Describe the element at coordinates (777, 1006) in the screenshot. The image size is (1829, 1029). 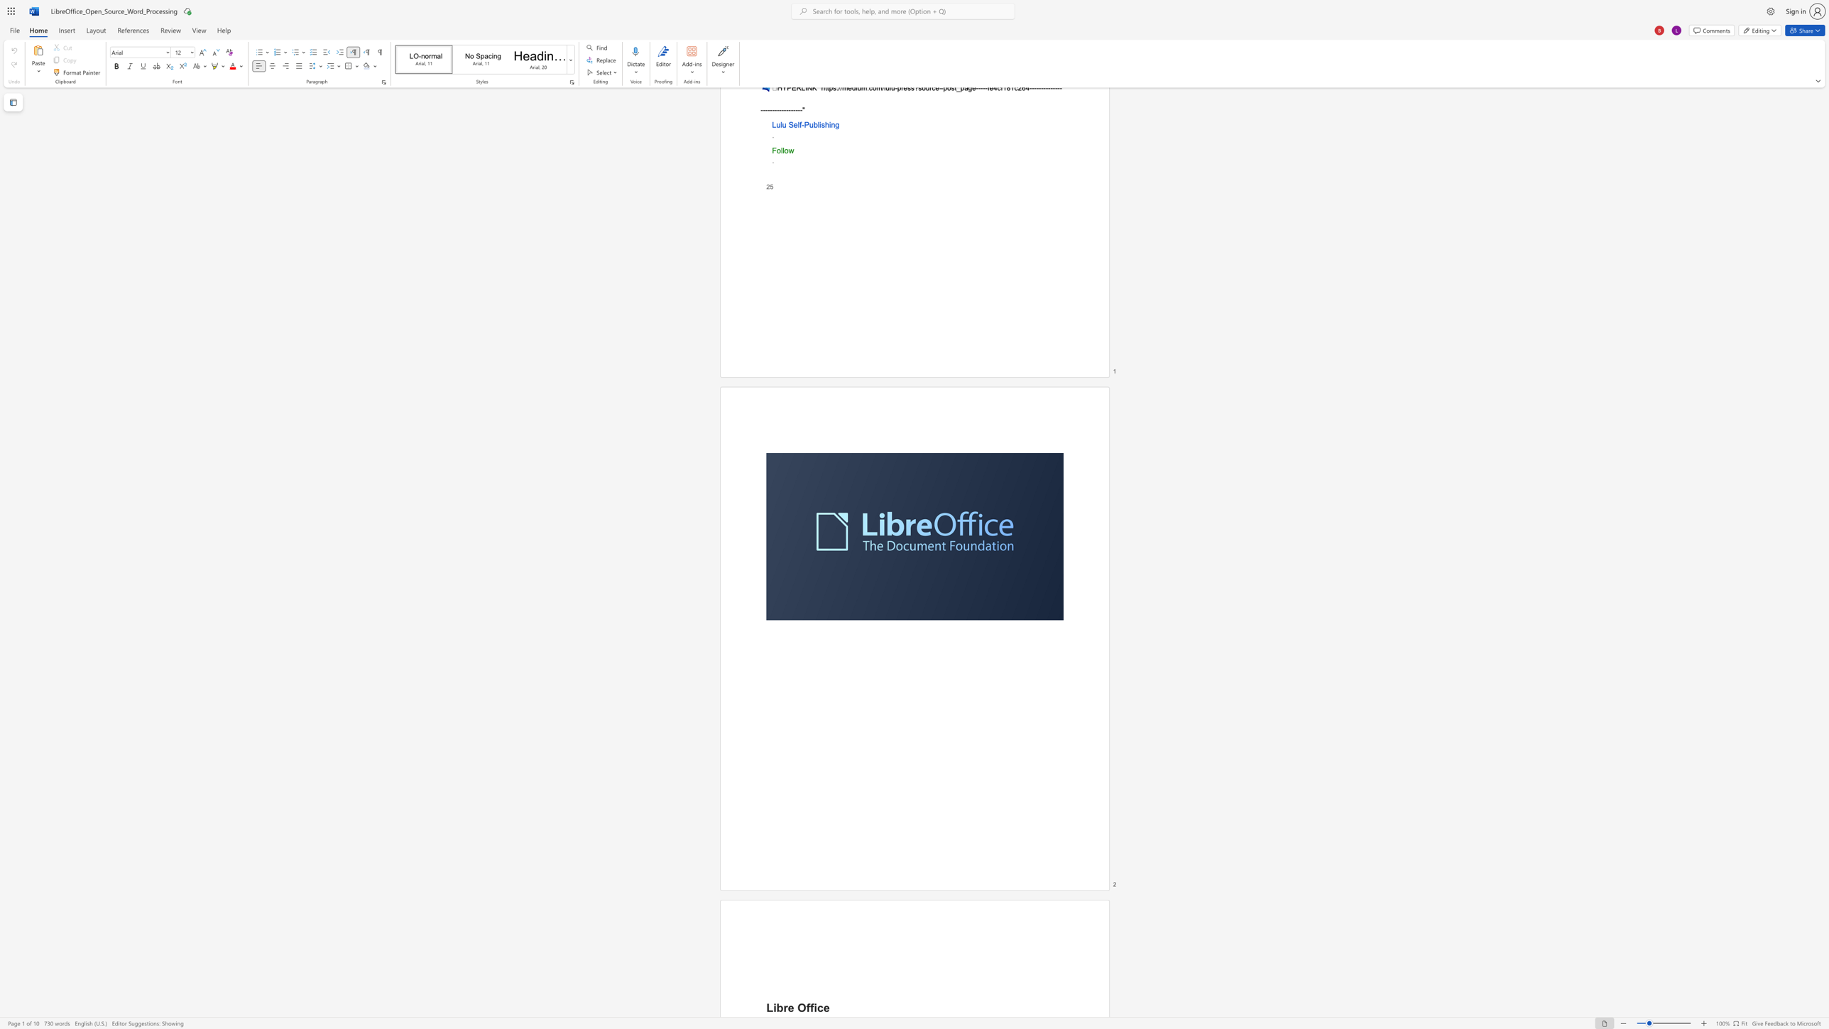
I see `the space between the continuous character "i" and "b" in the text` at that location.